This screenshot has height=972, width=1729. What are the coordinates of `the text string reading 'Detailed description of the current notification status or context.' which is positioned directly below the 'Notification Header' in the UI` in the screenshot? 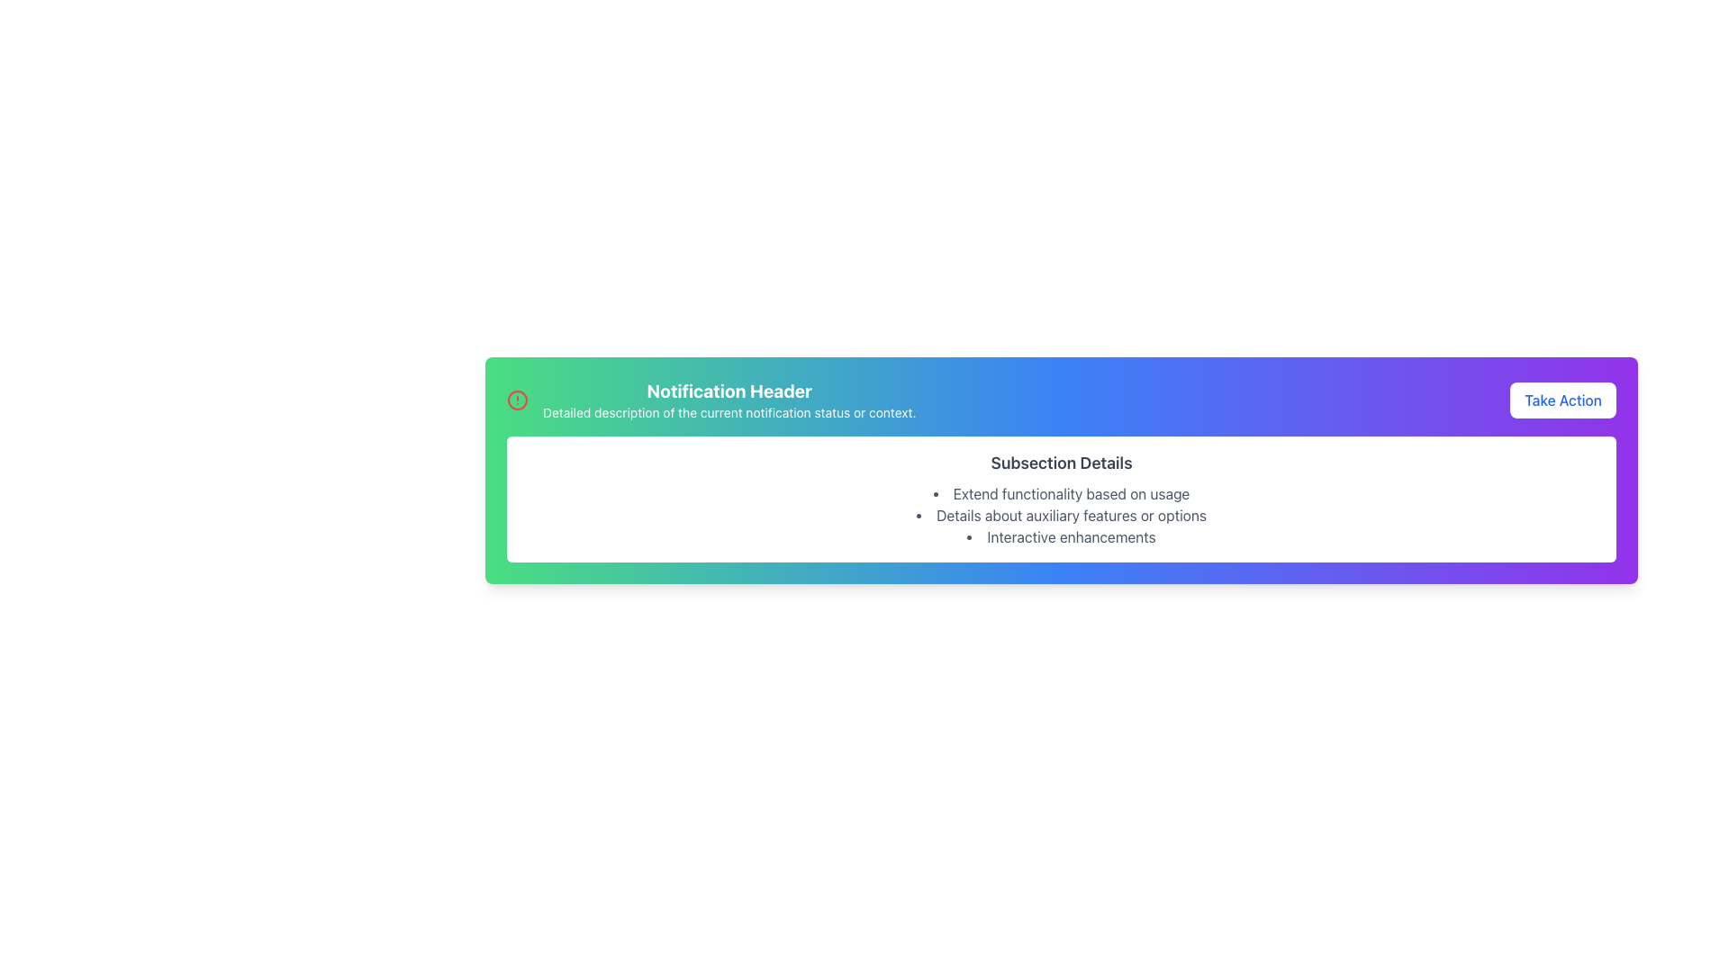 It's located at (729, 413).